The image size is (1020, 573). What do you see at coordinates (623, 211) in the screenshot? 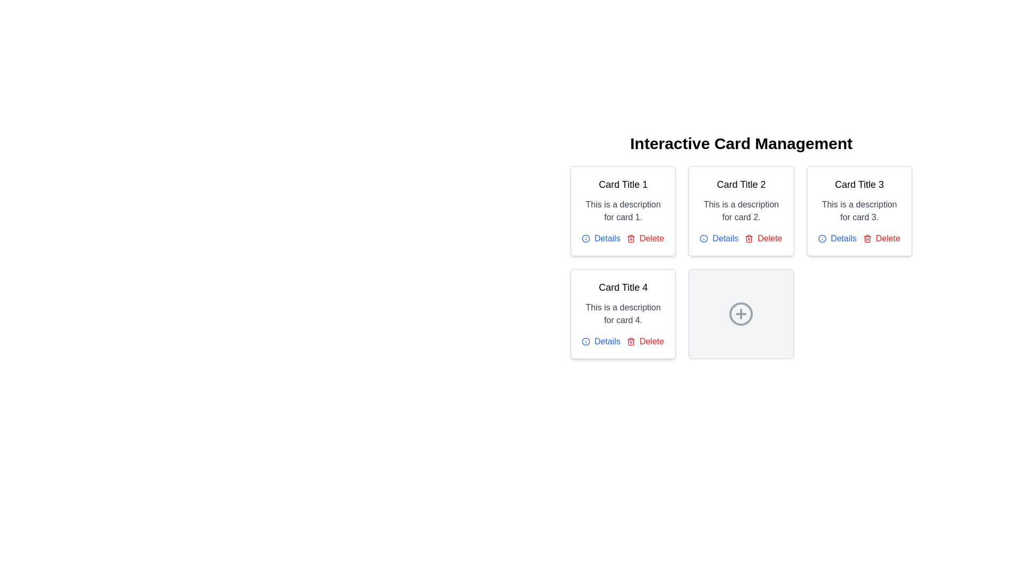
I see `the static text element that provides additional information about 'Card Title 1', located in the top left corner of the card grid` at bounding box center [623, 211].